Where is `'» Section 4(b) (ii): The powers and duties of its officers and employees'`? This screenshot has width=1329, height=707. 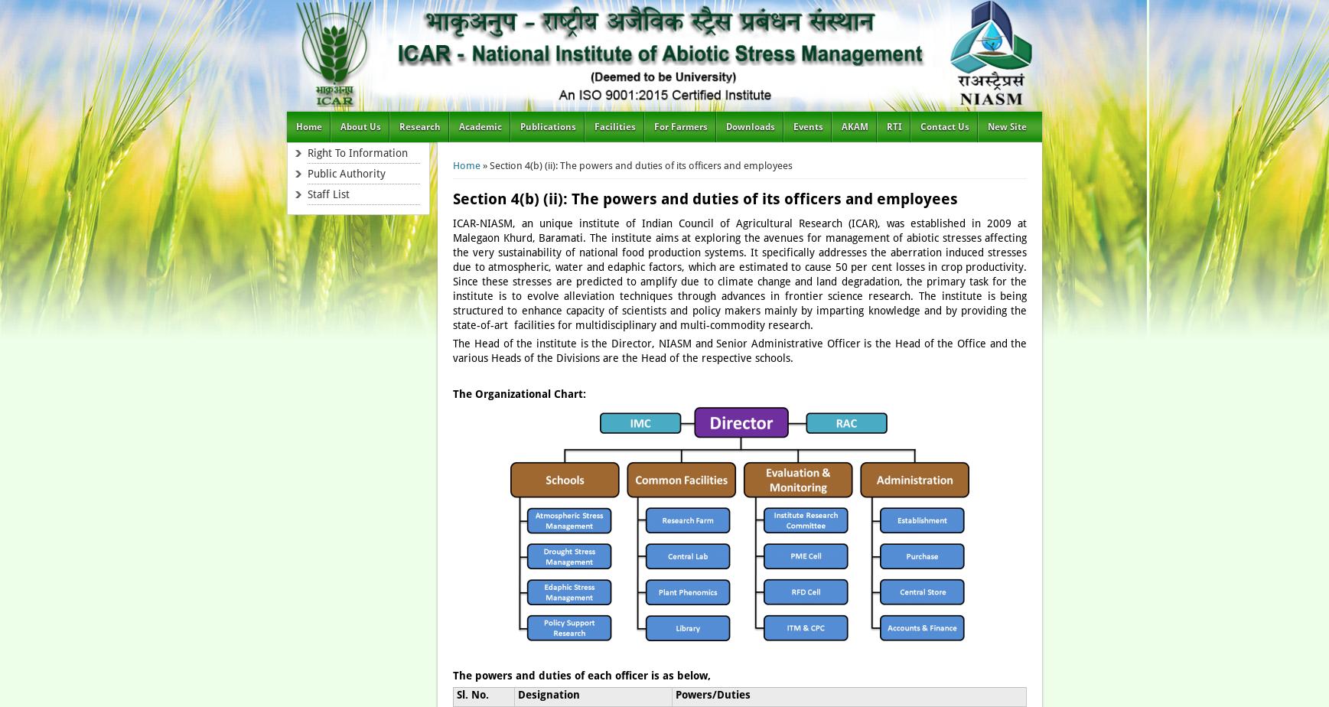 '» Section 4(b) (ii): The powers and duties of its officers and employees' is located at coordinates (636, 165).